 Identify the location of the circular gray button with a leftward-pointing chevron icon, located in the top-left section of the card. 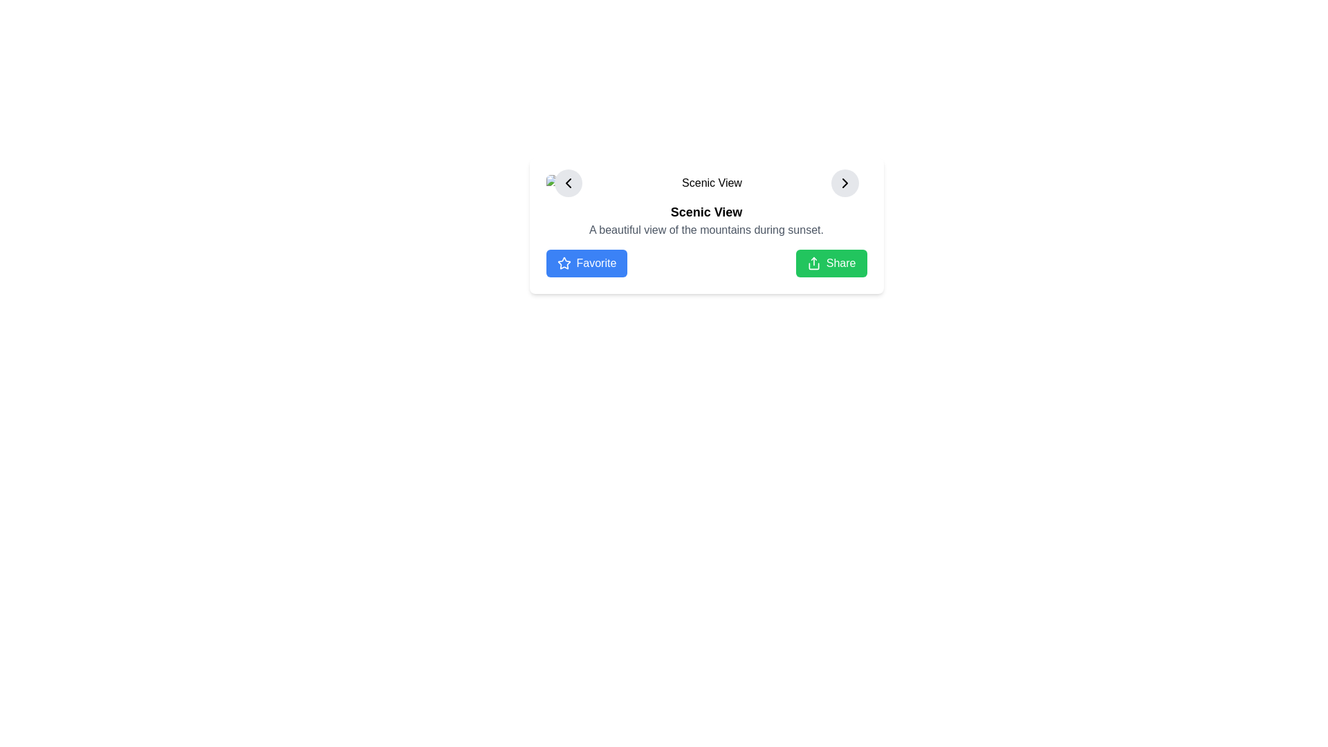
(568, 183).